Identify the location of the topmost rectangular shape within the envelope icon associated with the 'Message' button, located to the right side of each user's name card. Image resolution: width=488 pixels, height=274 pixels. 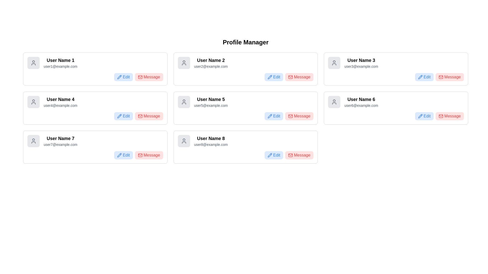
(291, 155).